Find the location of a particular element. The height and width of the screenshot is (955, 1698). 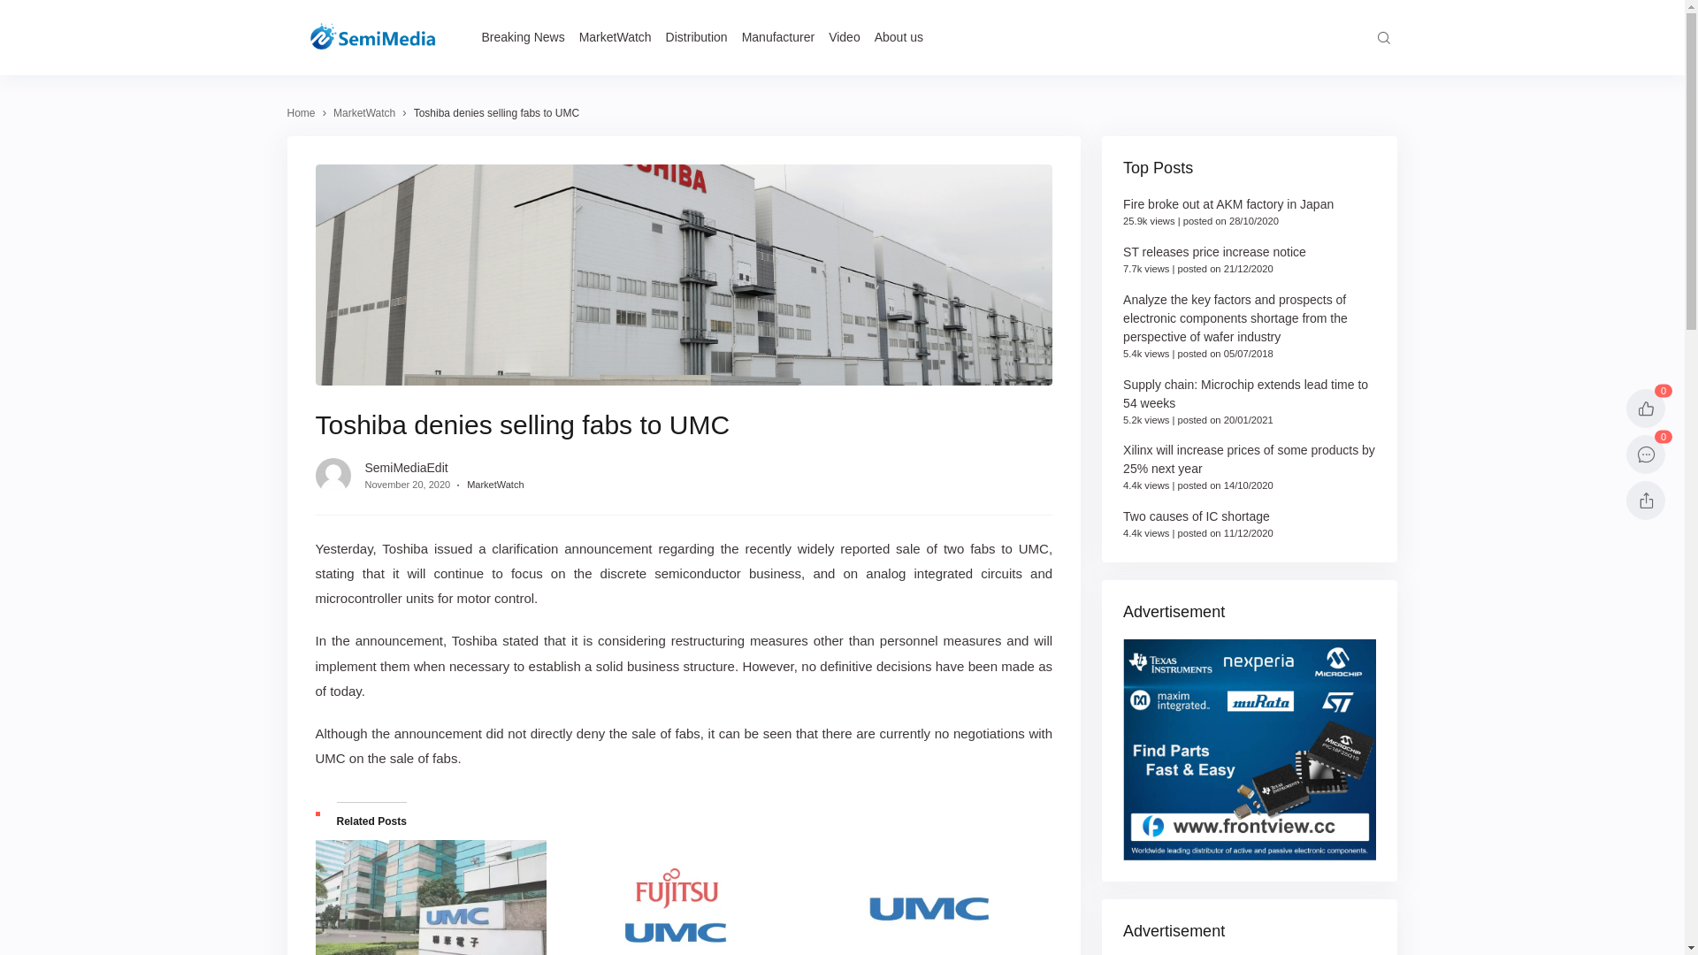

'Home' is located at coordinates (301, 112).